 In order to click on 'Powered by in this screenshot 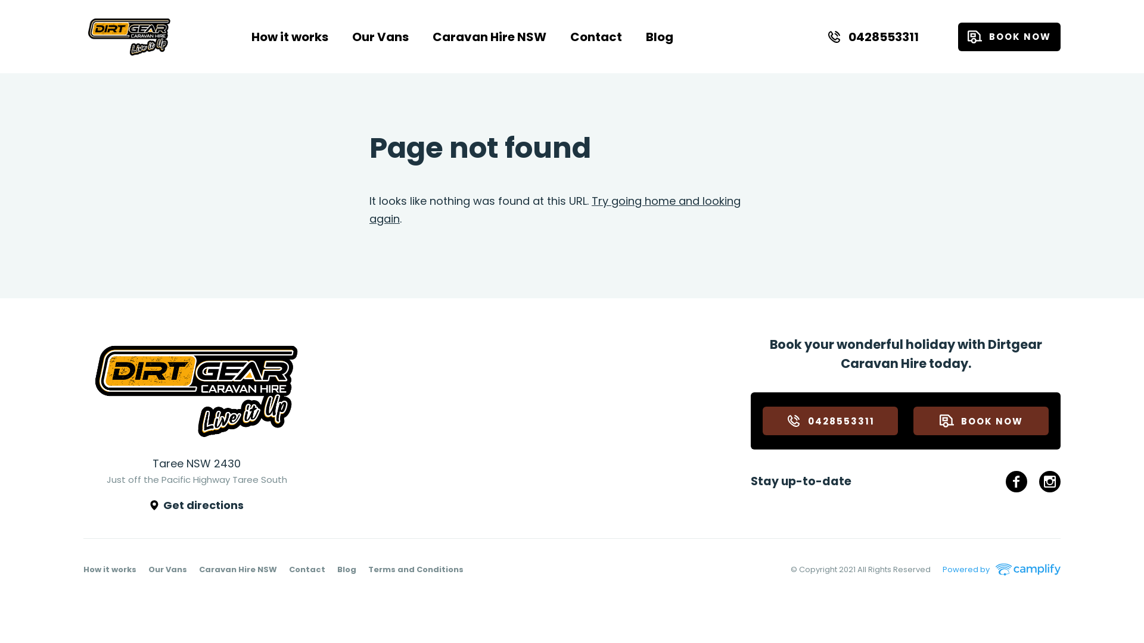, I will do `click(1001, 569)`.